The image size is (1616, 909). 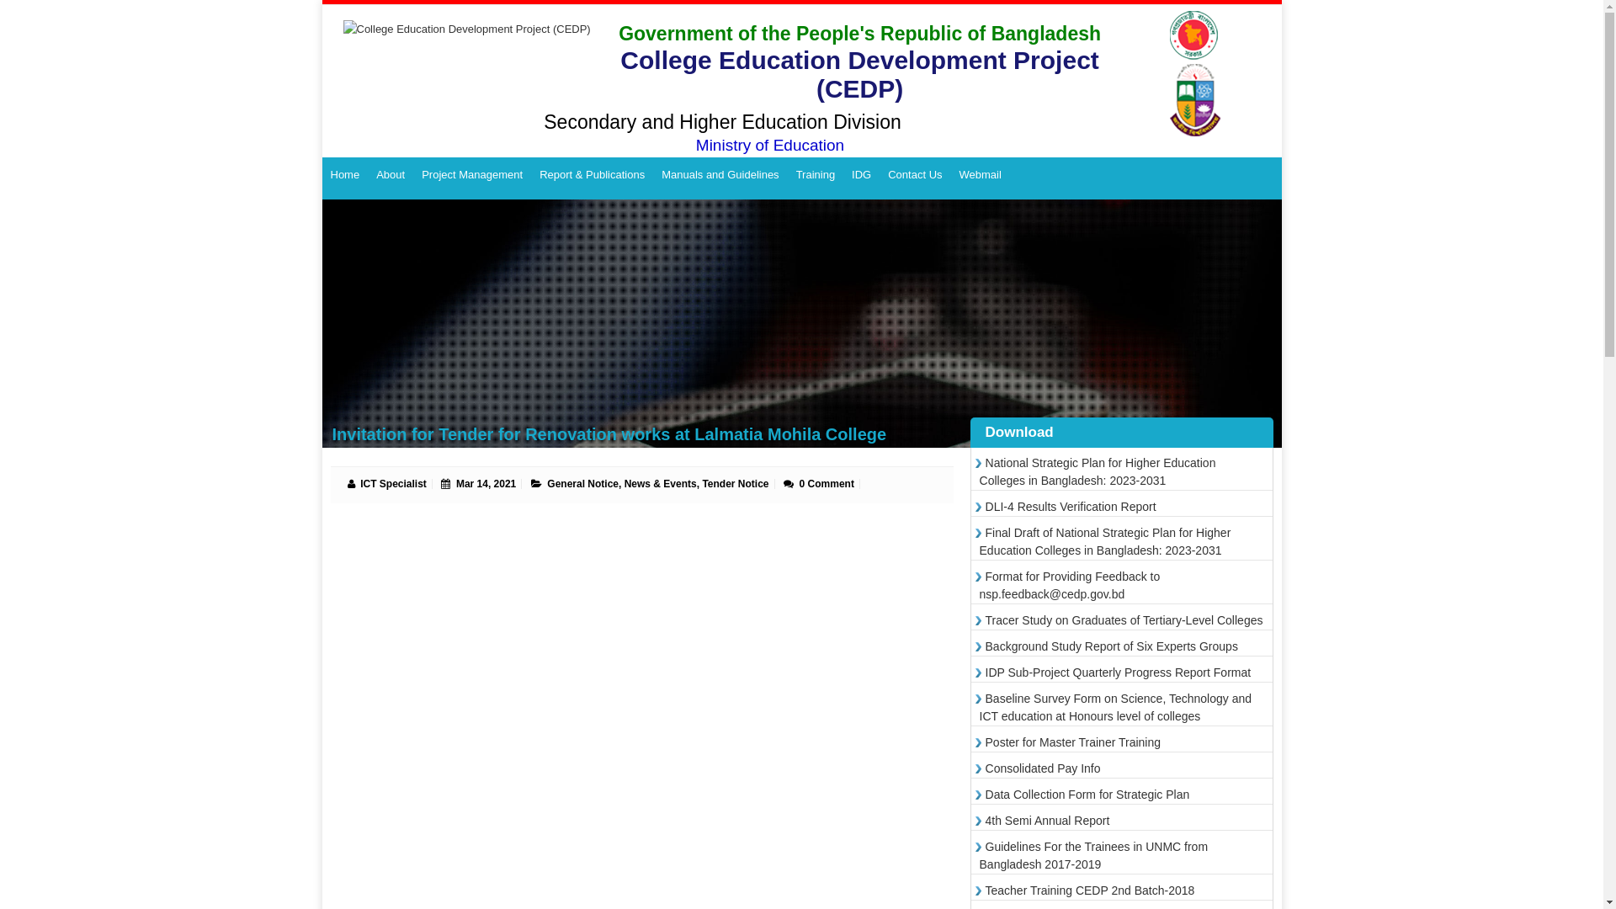 What do you see at coordinates (592, 175) in the screenshot?
I see `'Report & Publications'` at bounding box center [592, 175].